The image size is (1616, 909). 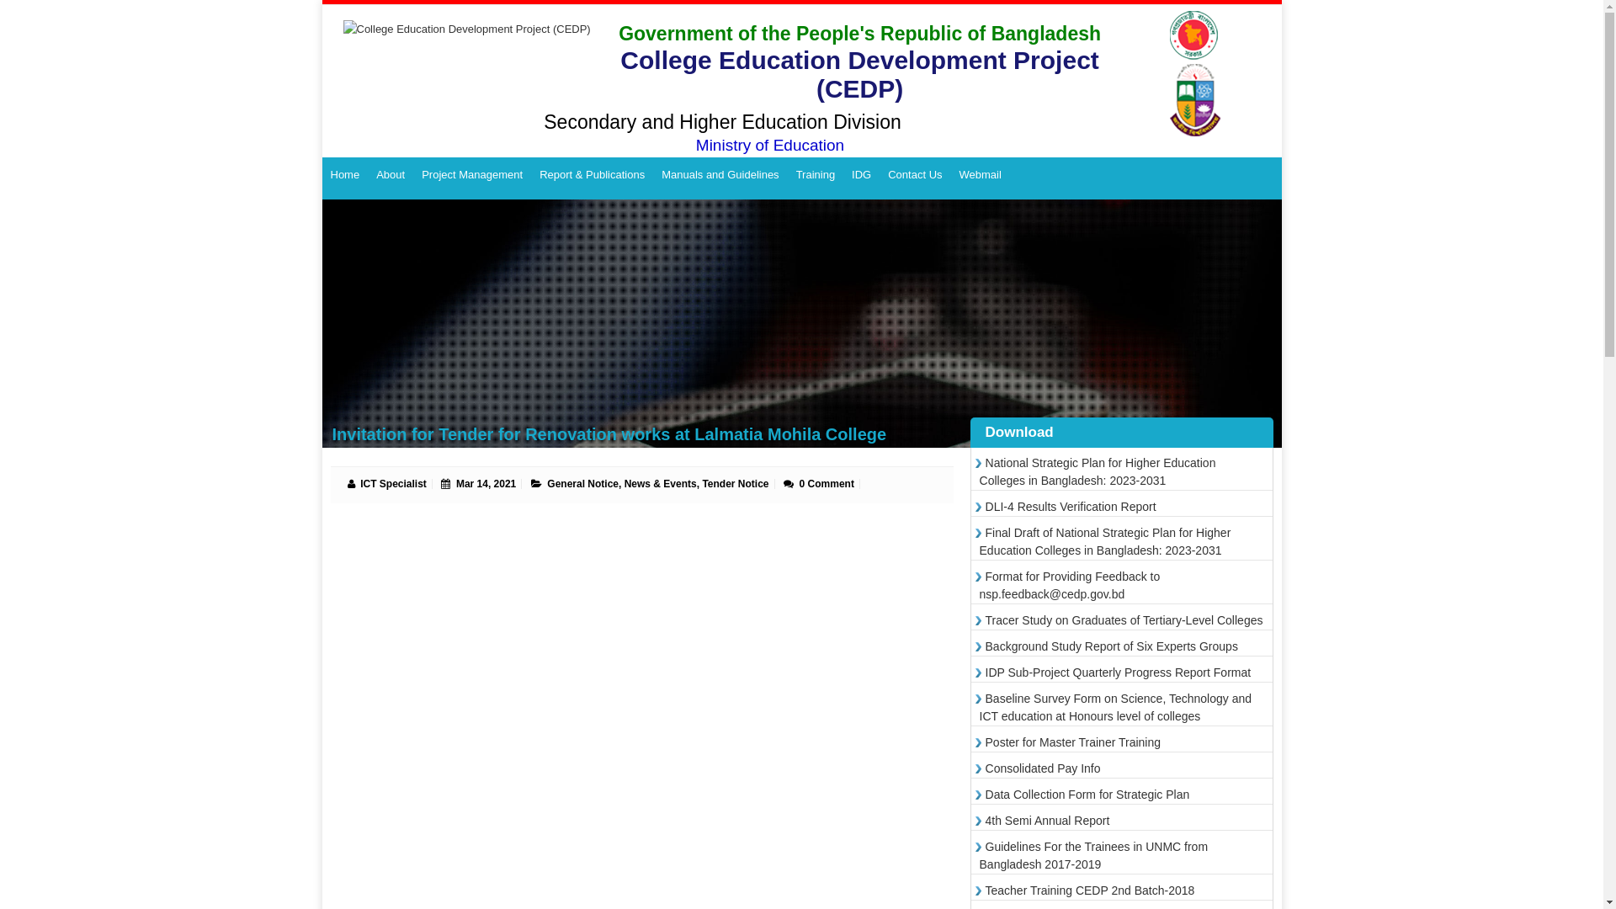 What do you see at coordinates (592, 175) in the screenshot?
I see `'Report & Publications'` at bounding box center [592, 175].